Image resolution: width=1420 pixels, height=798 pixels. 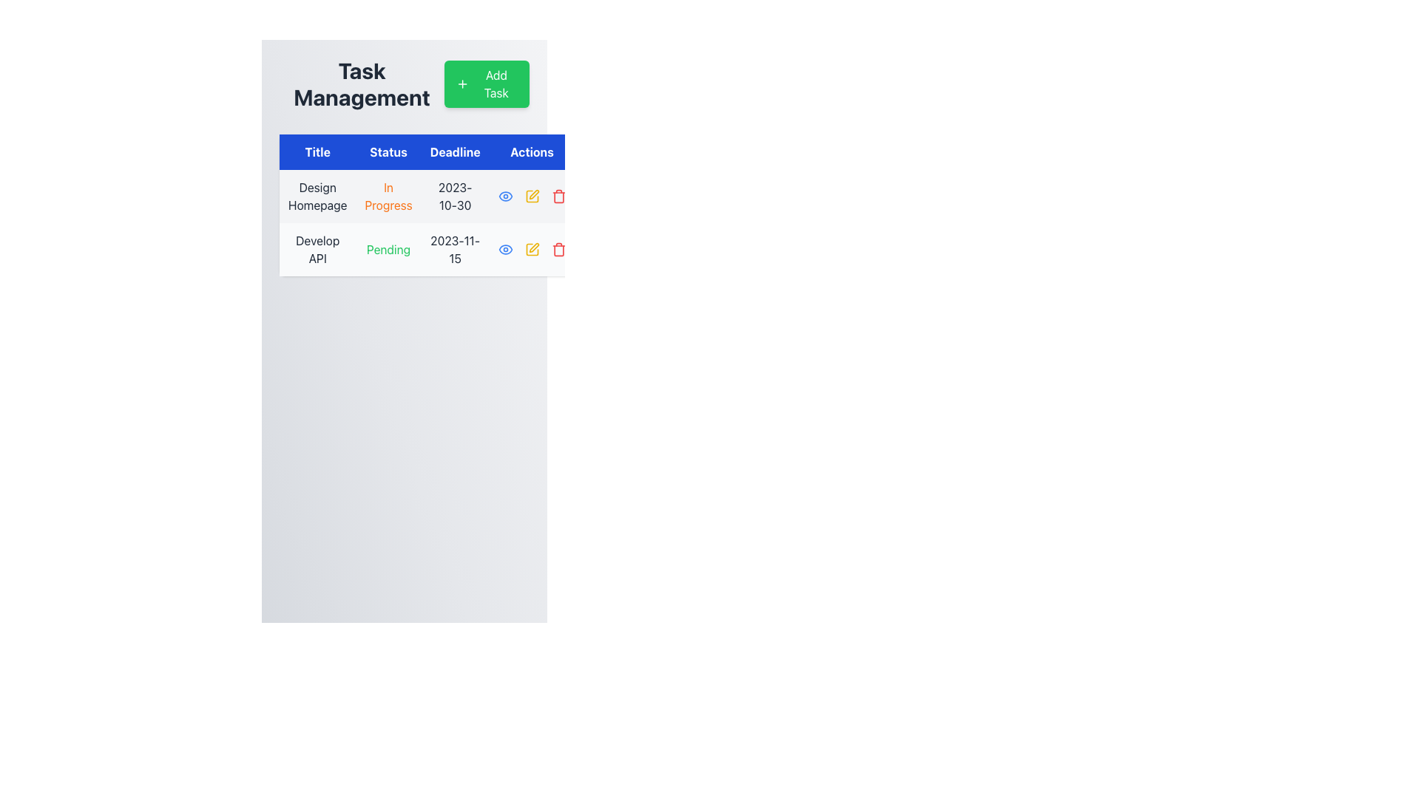 I want to click on the 'Design Homepage' text label to focus on the task it identifies, located in the first cell under the 'Title' column in the top row of the table, so click(x=317, y=196).